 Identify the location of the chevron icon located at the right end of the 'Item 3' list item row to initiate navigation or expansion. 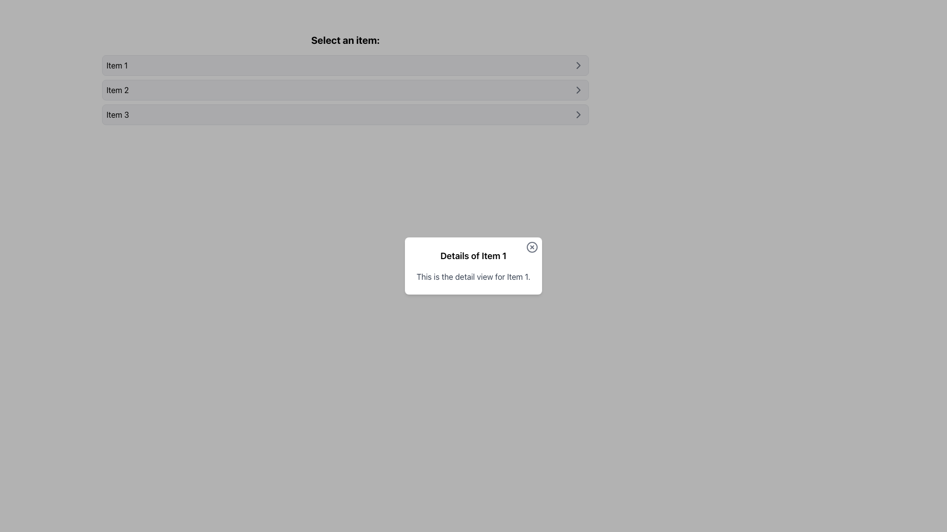
(578, 114).